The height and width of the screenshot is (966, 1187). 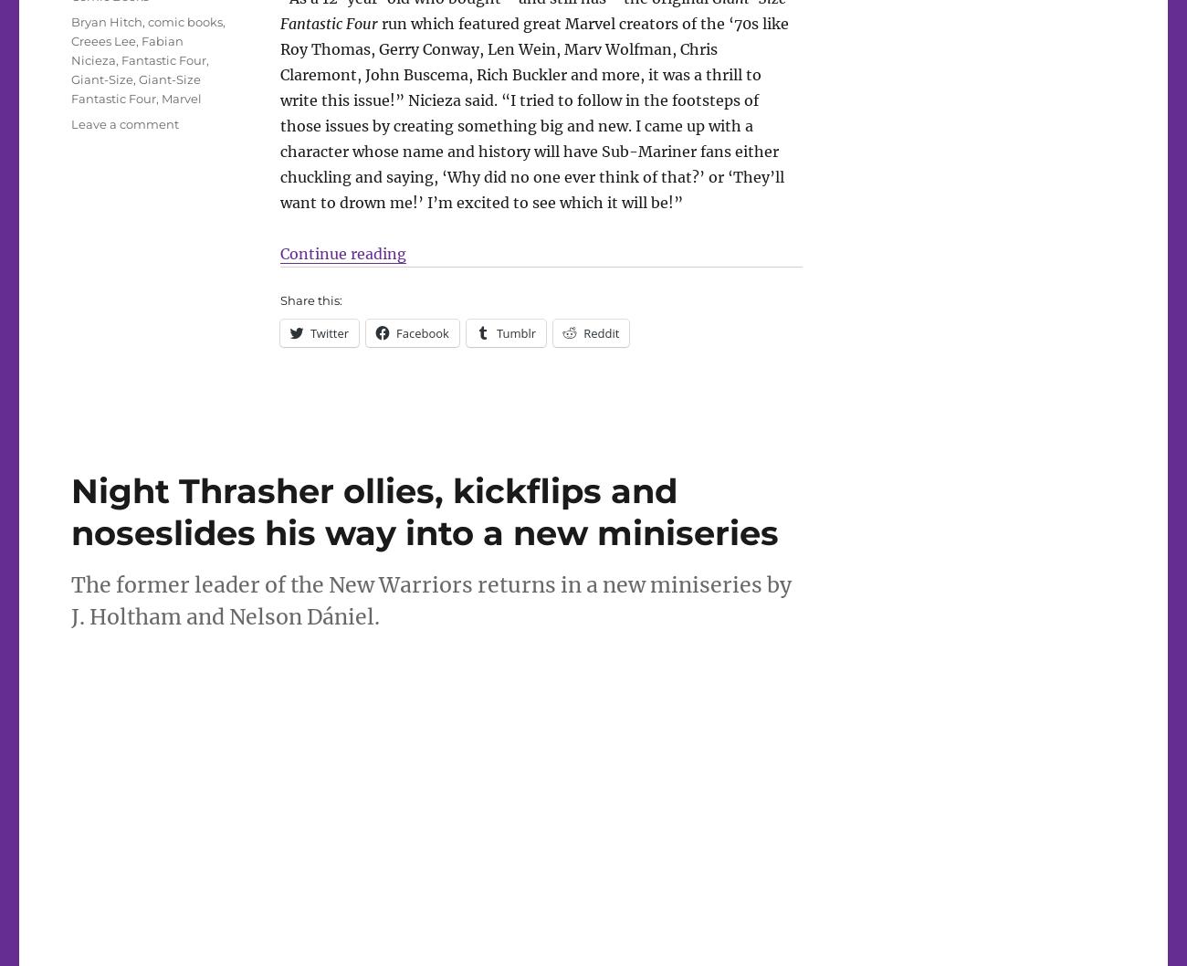 I want to click on 'The former leader of the New Warriors returns in a new miniseries by J. Holtham and Nelson Dániel.', so click(x=430, y=599).